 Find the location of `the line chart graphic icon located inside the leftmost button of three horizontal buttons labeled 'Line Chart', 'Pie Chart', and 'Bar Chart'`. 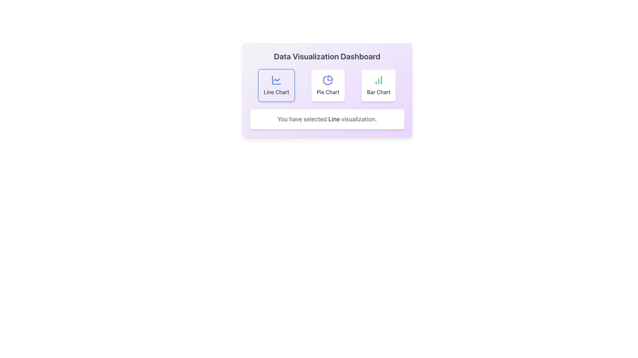

the line chart graphic icon located inside the leftmost button of three horizontal buttons labeled 'Line Chart', 'Pie Chart', and 'Bar Chart' is located at coordinates (277, 80).